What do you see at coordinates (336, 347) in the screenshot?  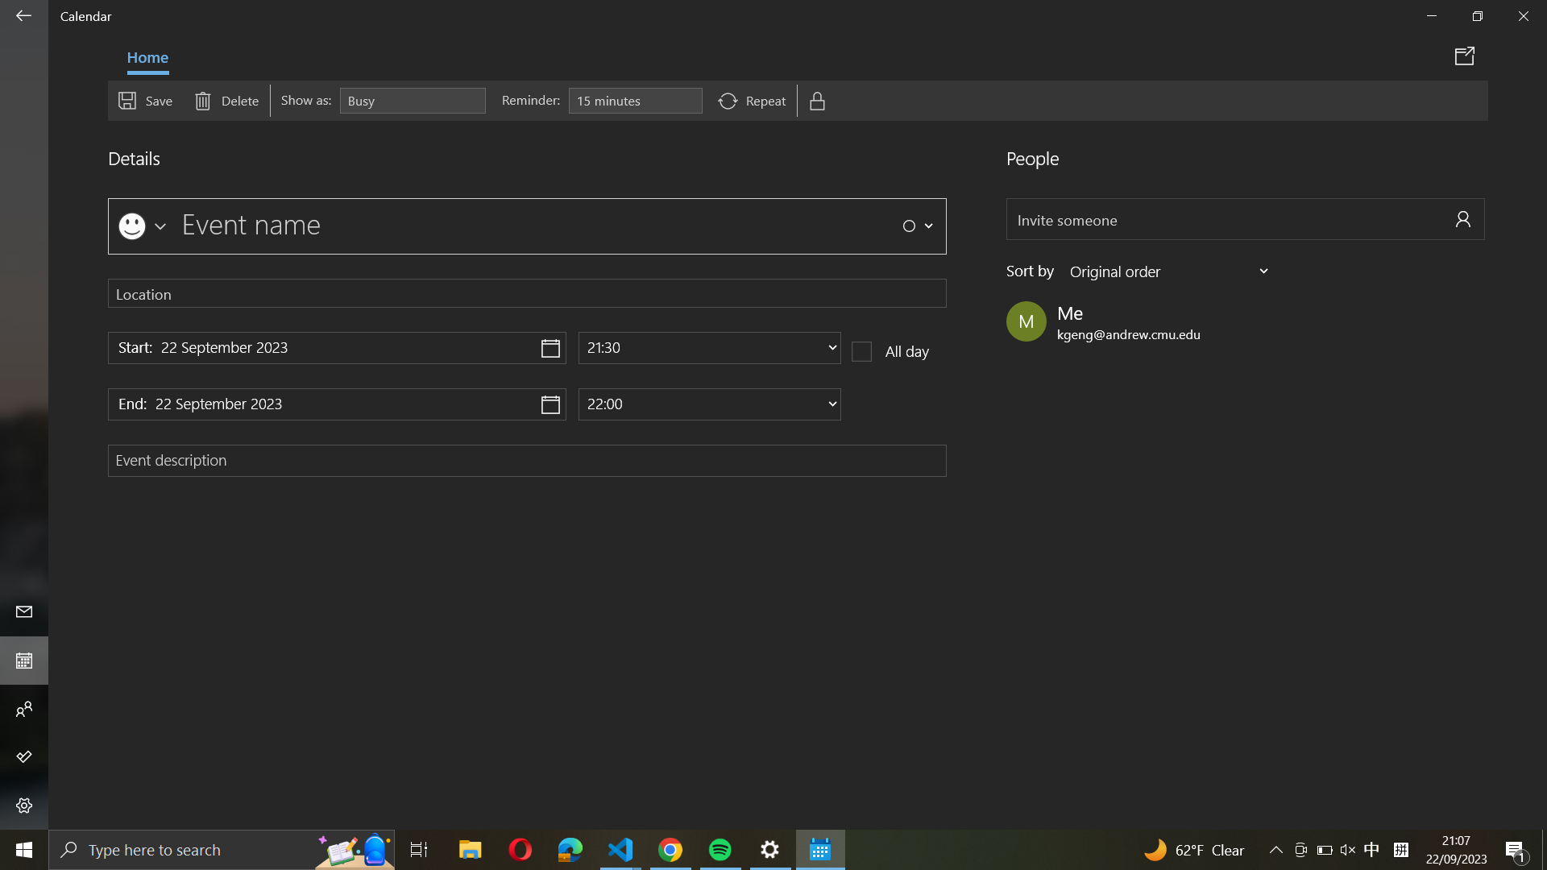 I see `the start date to "31 December 2021` at bounding box center [336, 347].